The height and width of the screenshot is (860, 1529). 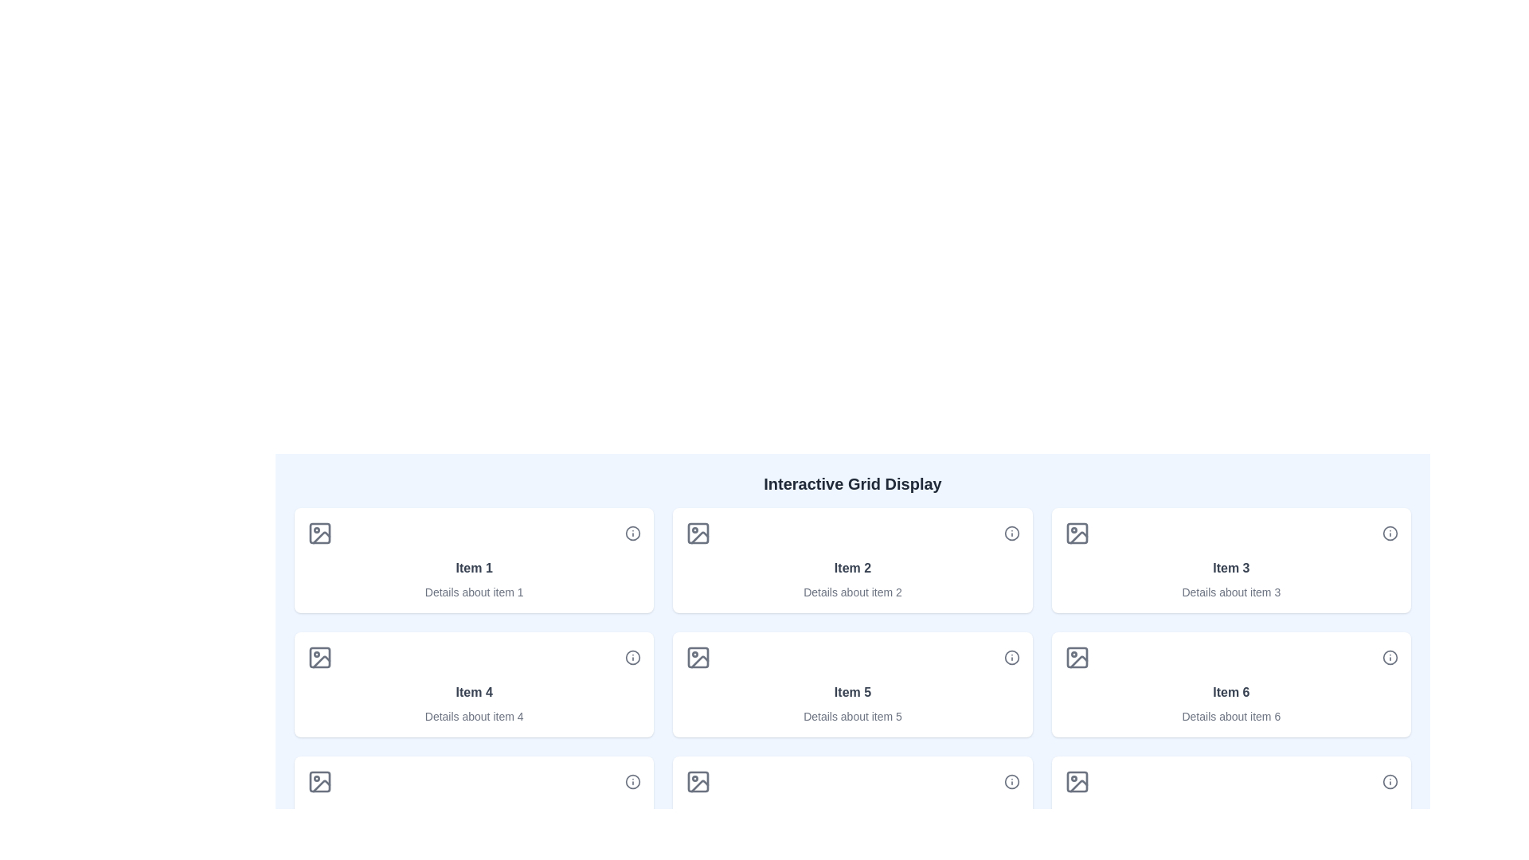 What do you see at coordinates (473, 702) in the screenshot?
I see `displayed text from the Text display module that shows the title 'Item 4' and its description 'Details about item 4', which is located in the second row and first column of the grid layout` at bounding box center [473, 702].